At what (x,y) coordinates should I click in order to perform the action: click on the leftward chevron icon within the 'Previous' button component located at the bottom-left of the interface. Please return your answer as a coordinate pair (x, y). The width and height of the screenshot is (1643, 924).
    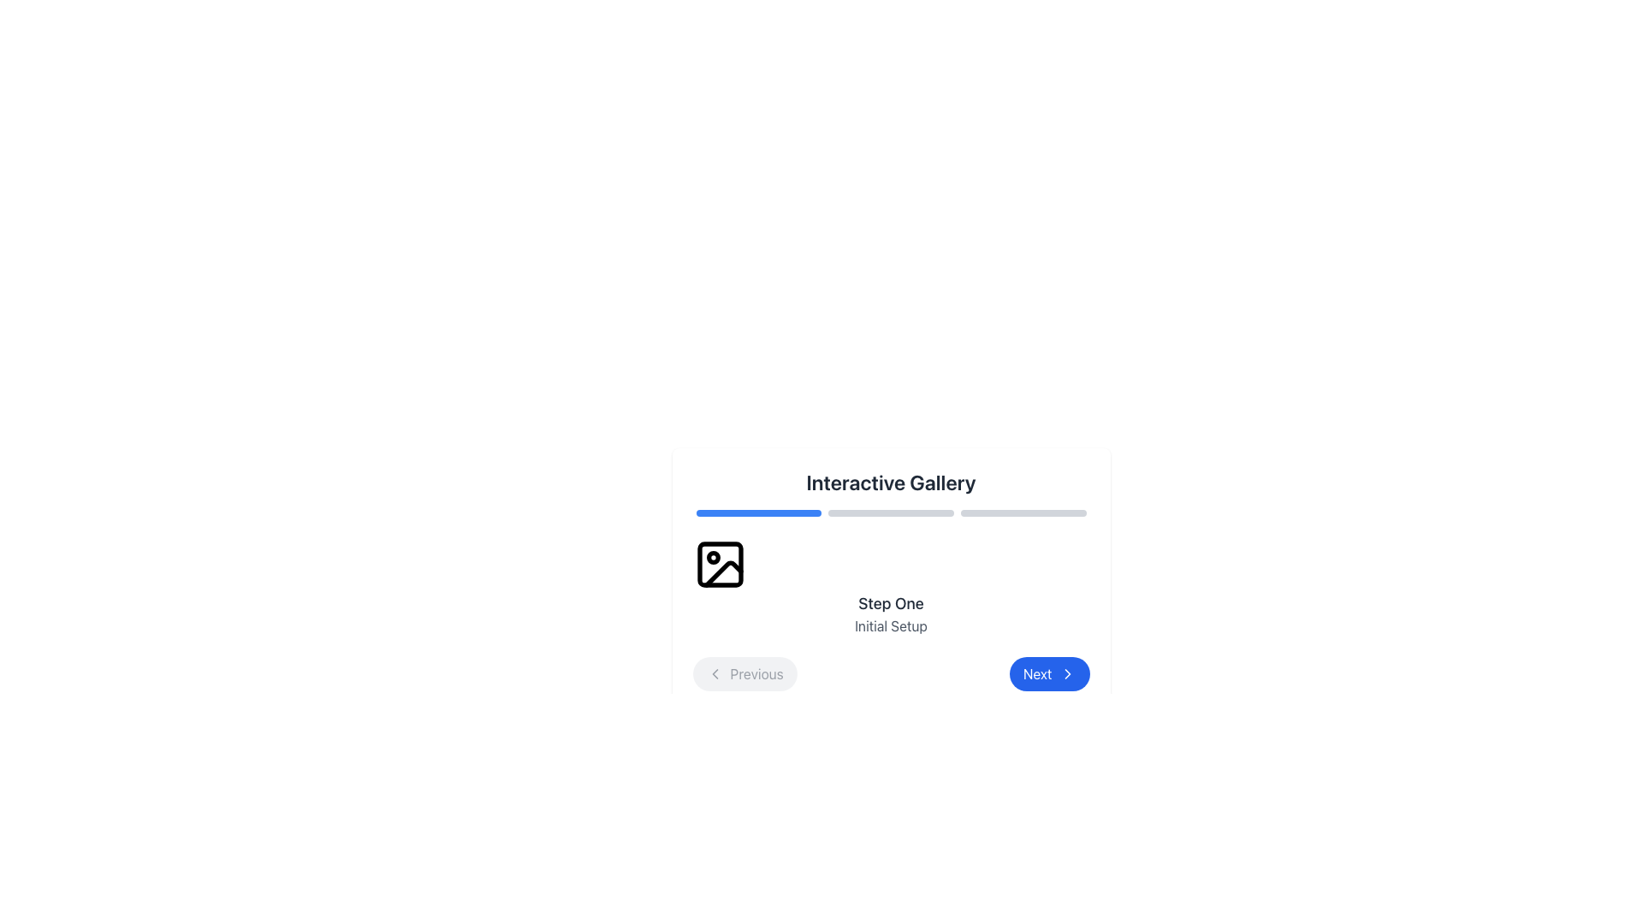
    Looking at the image, I should click on (715, 672).